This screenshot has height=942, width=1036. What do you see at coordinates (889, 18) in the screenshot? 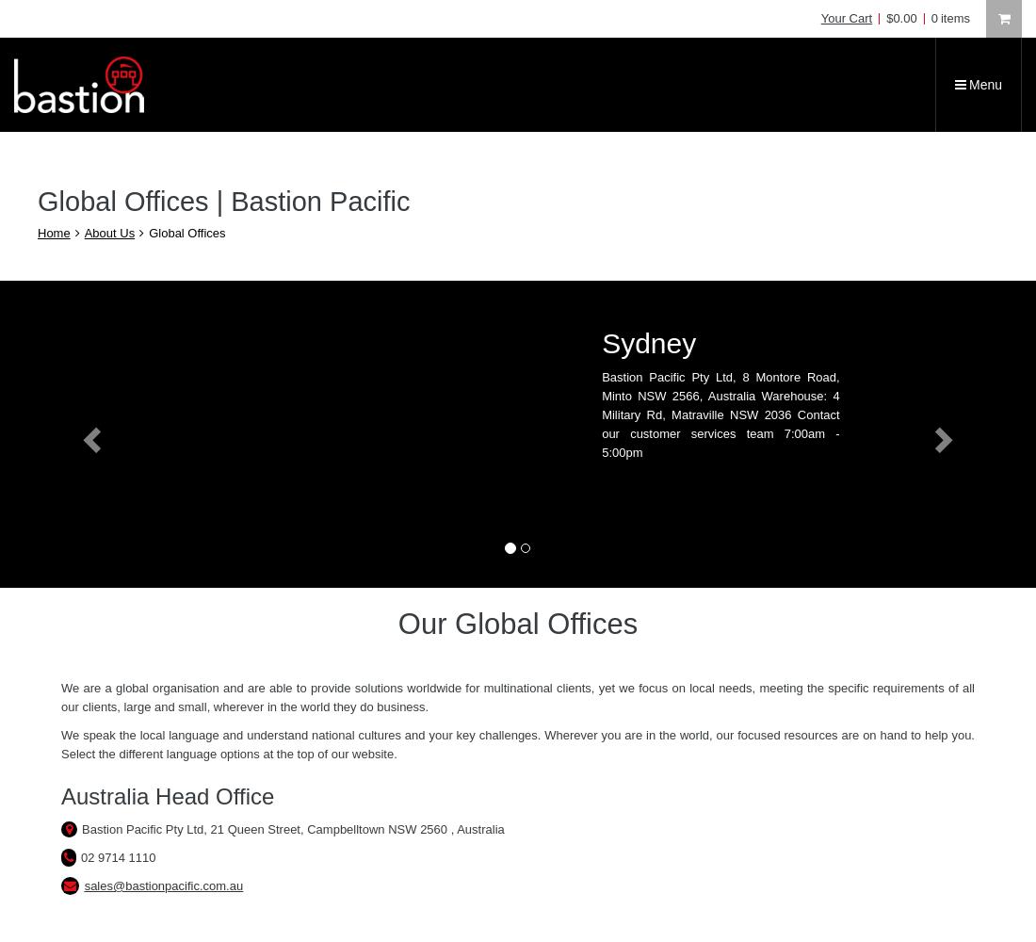
I see `'$'` at bounding box center [889, 18].